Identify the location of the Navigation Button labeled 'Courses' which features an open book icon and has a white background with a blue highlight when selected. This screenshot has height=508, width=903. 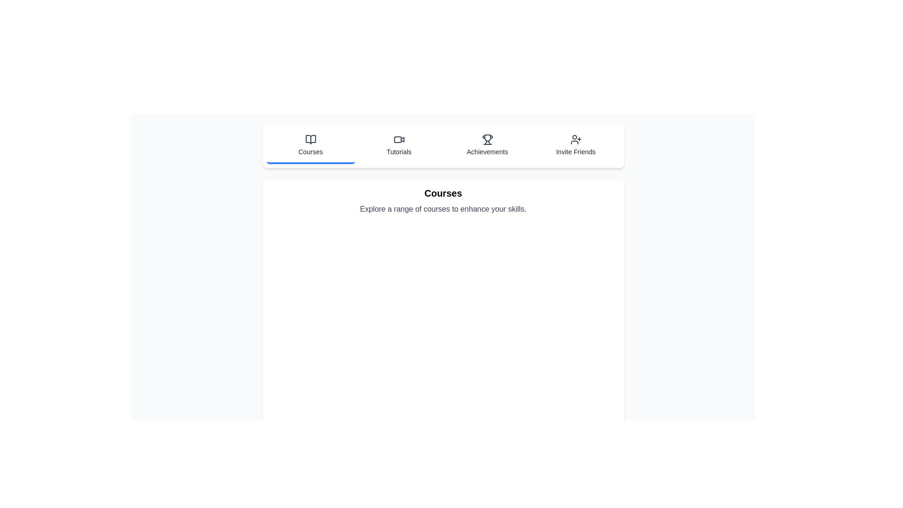
(310, 146).